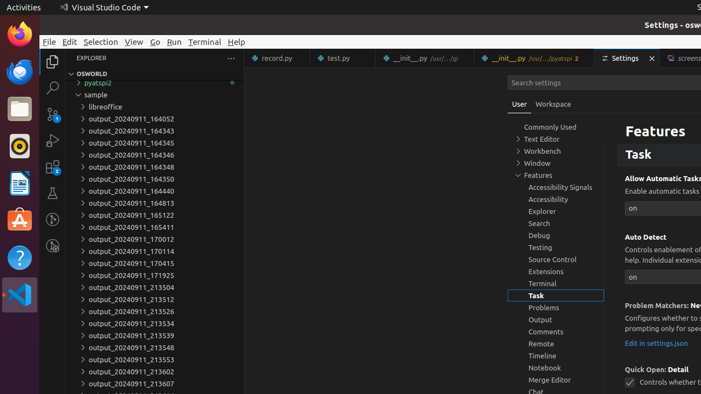 The image size is (701, 394). I want to click on 'output_20240911_213539', so click(154, 335).